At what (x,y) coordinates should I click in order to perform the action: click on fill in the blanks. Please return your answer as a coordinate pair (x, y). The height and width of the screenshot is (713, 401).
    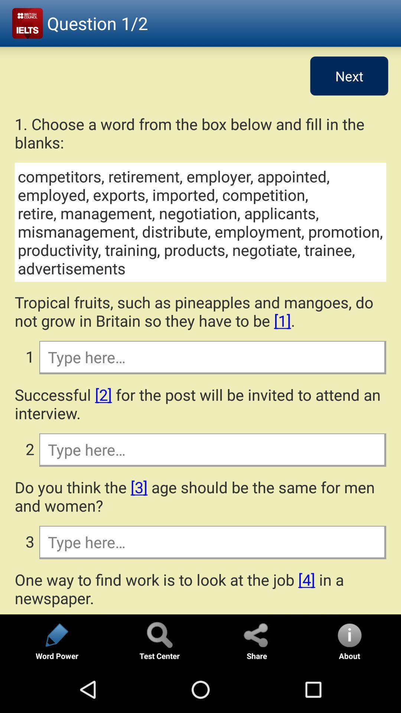
    Looking at the image, I should click on (212, 449).